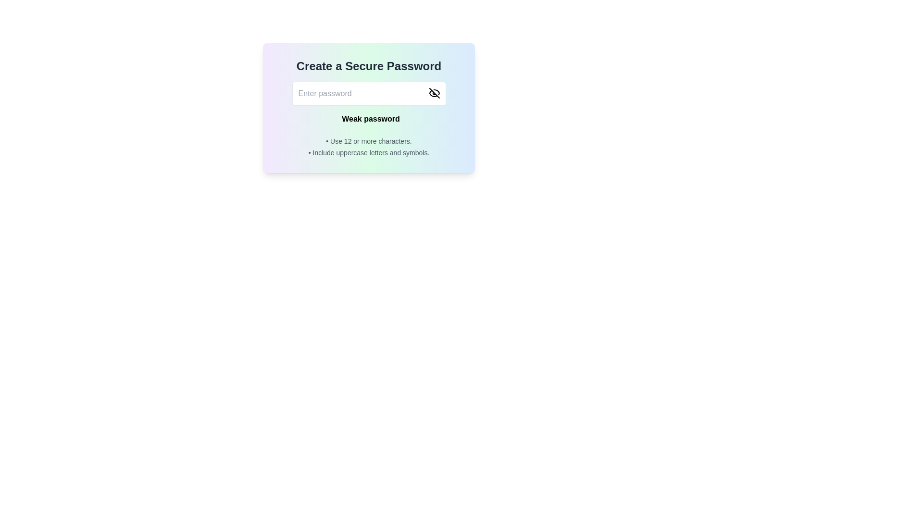 This screenshot has width=923, height=519. Describe the element at coordinates (368, 118) in the screenshot. I see `feedback message indicating the strength of the password, which is displayed below the password input field` at that location.